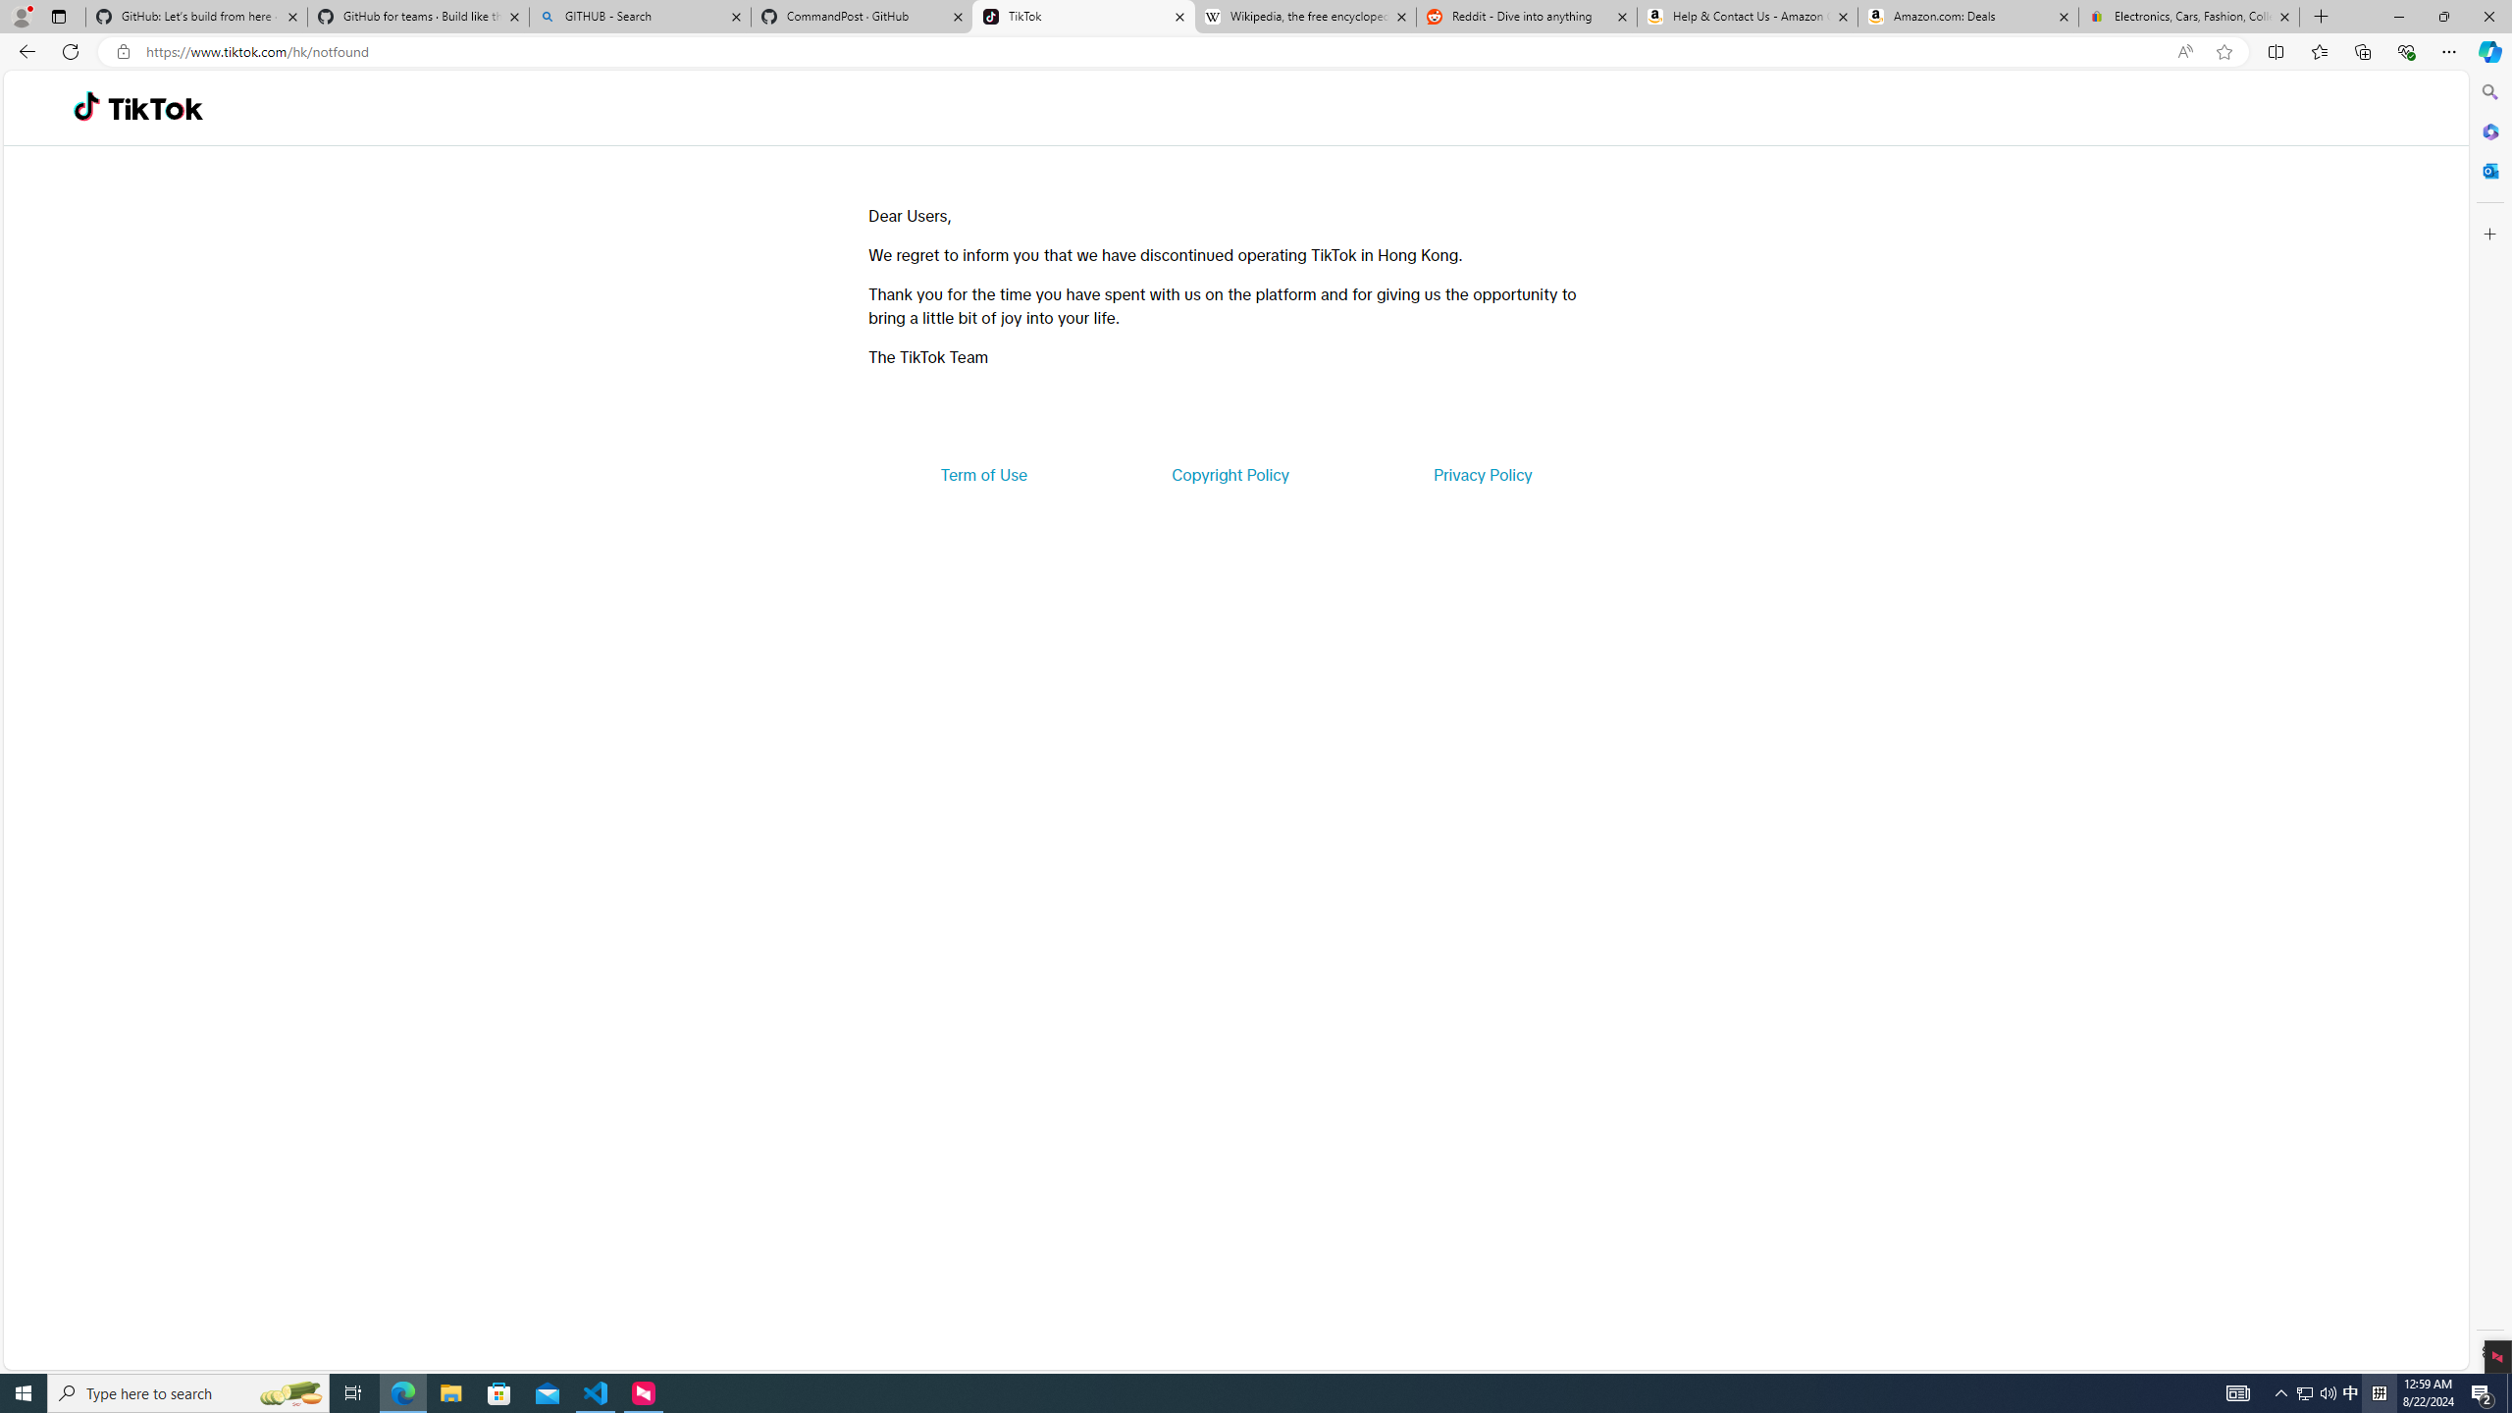 This screenshot has height=1413, width=2512. I want to click on 'Privacy Policy', so click(1481, 473).